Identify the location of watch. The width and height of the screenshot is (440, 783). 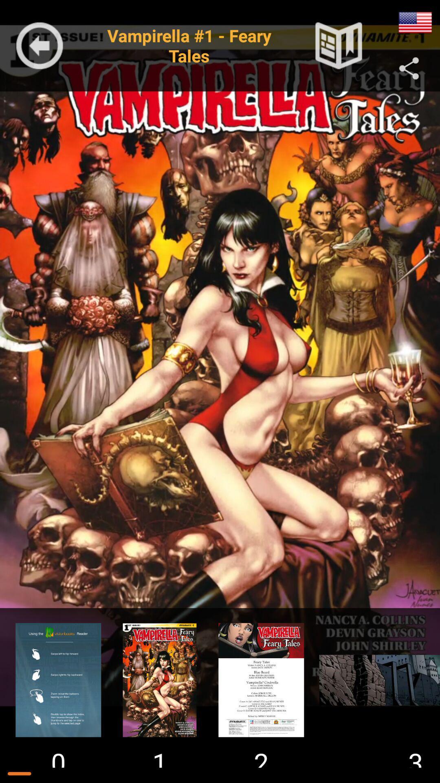
(159, 680).